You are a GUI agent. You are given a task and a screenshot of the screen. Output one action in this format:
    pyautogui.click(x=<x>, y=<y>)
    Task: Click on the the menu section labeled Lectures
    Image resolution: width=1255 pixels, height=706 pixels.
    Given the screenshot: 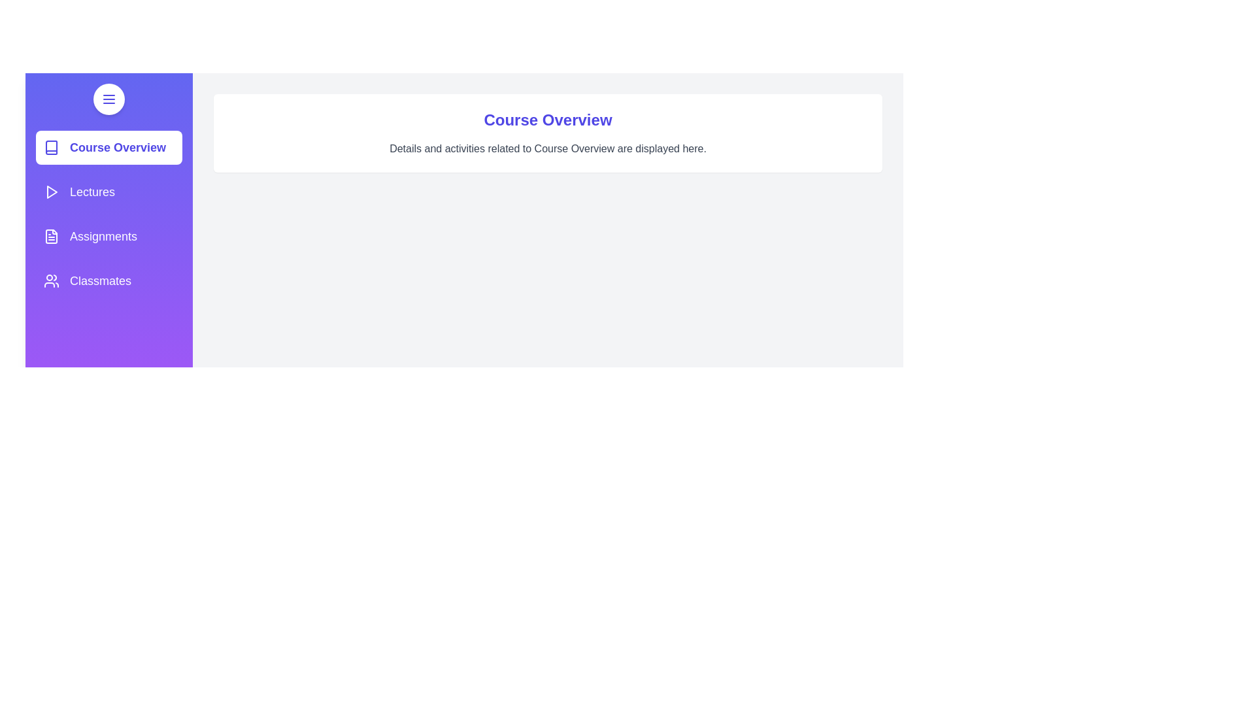 What is the action you would take?
    pyautogui.click(x=109, y=192)
    